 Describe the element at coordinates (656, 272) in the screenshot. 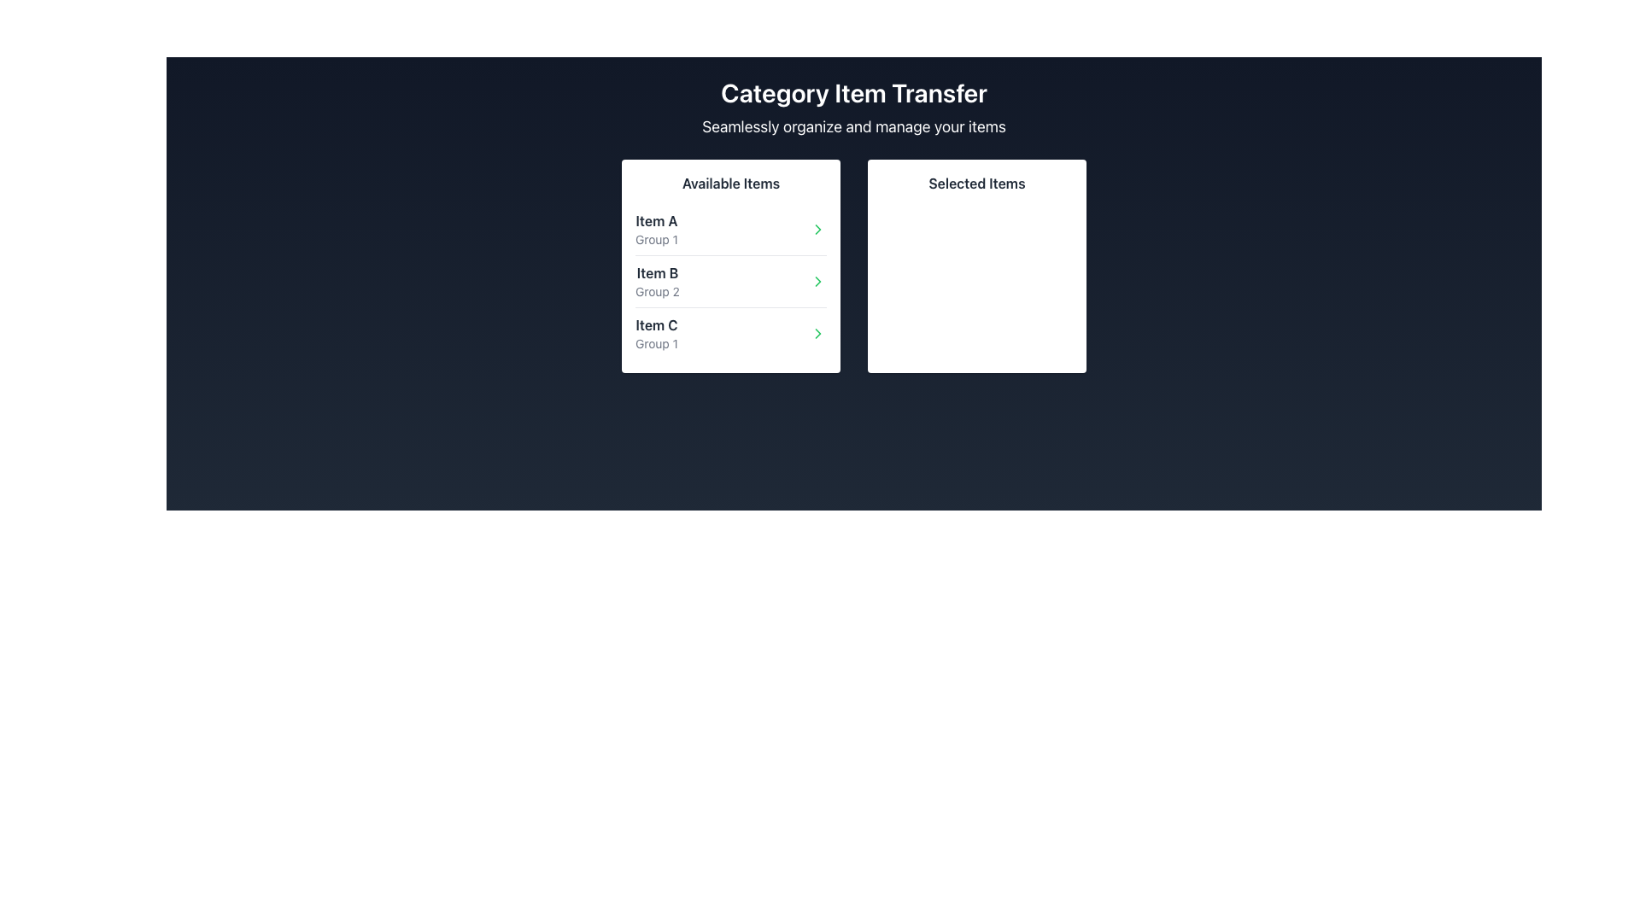

I see `text content of the label identified as 'Item B' in the left panel under 'Available Items', which is the second item in the list` at that location.